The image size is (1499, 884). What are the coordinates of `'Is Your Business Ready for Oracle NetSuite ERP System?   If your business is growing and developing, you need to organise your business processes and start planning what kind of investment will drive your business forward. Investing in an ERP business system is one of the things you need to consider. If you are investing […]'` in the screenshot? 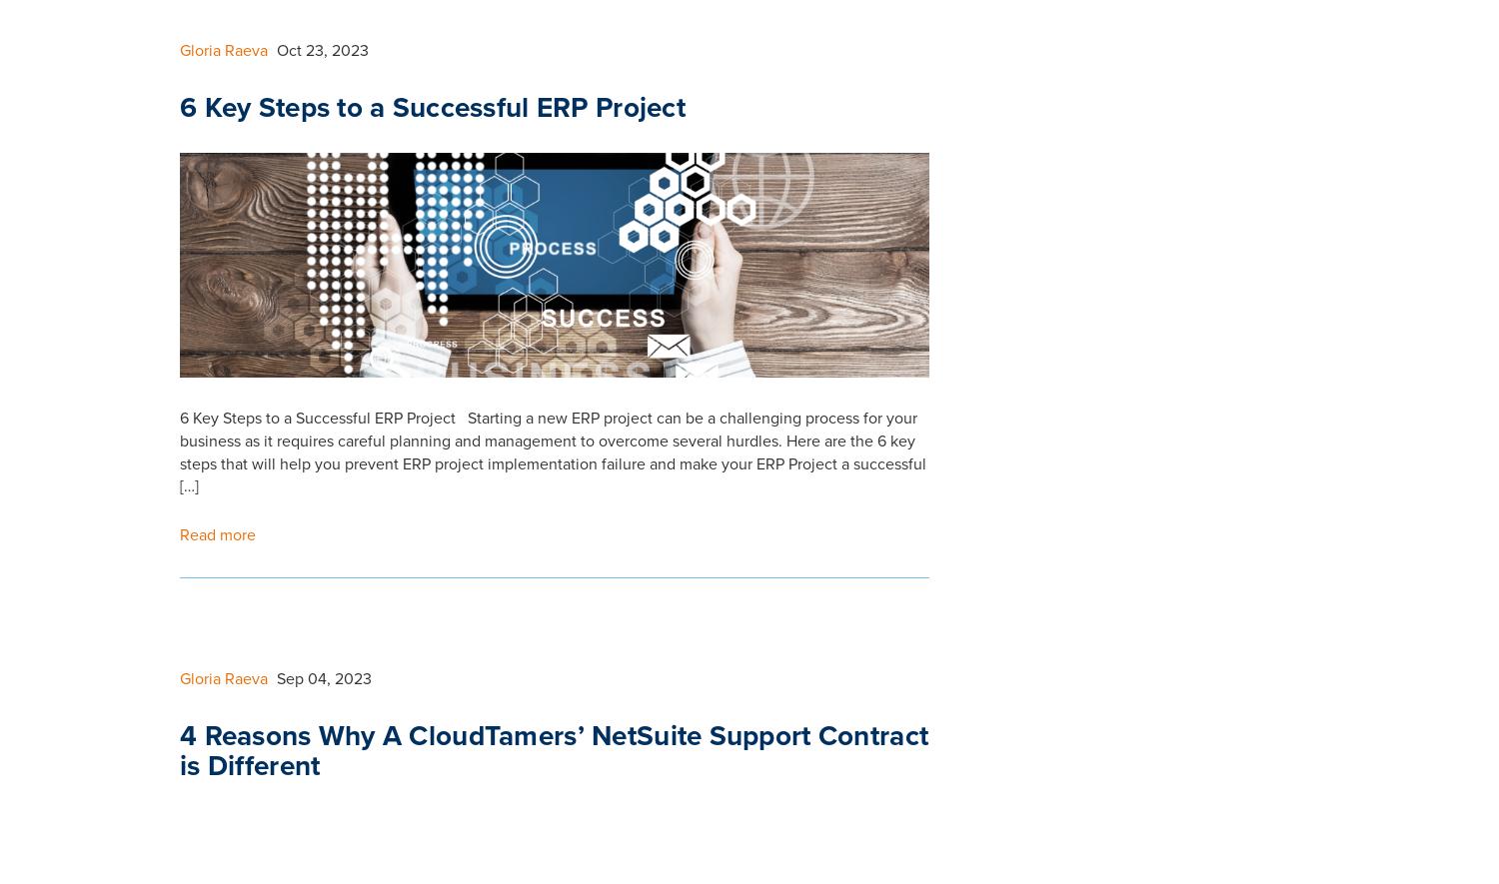 It's located at (550, 468).